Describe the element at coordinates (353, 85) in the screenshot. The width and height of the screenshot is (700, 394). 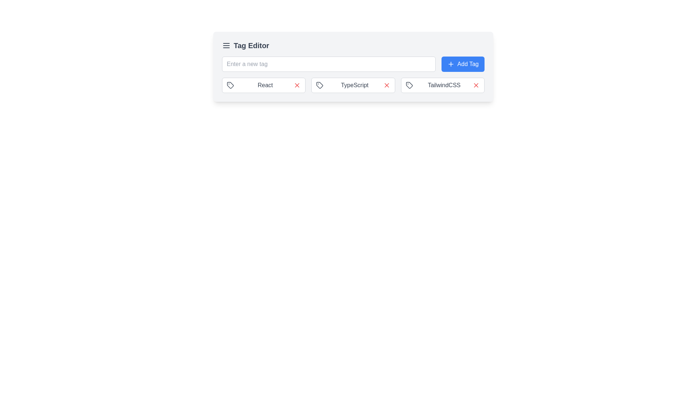
I see `the 'TypeScript' tag indicator` at that location.